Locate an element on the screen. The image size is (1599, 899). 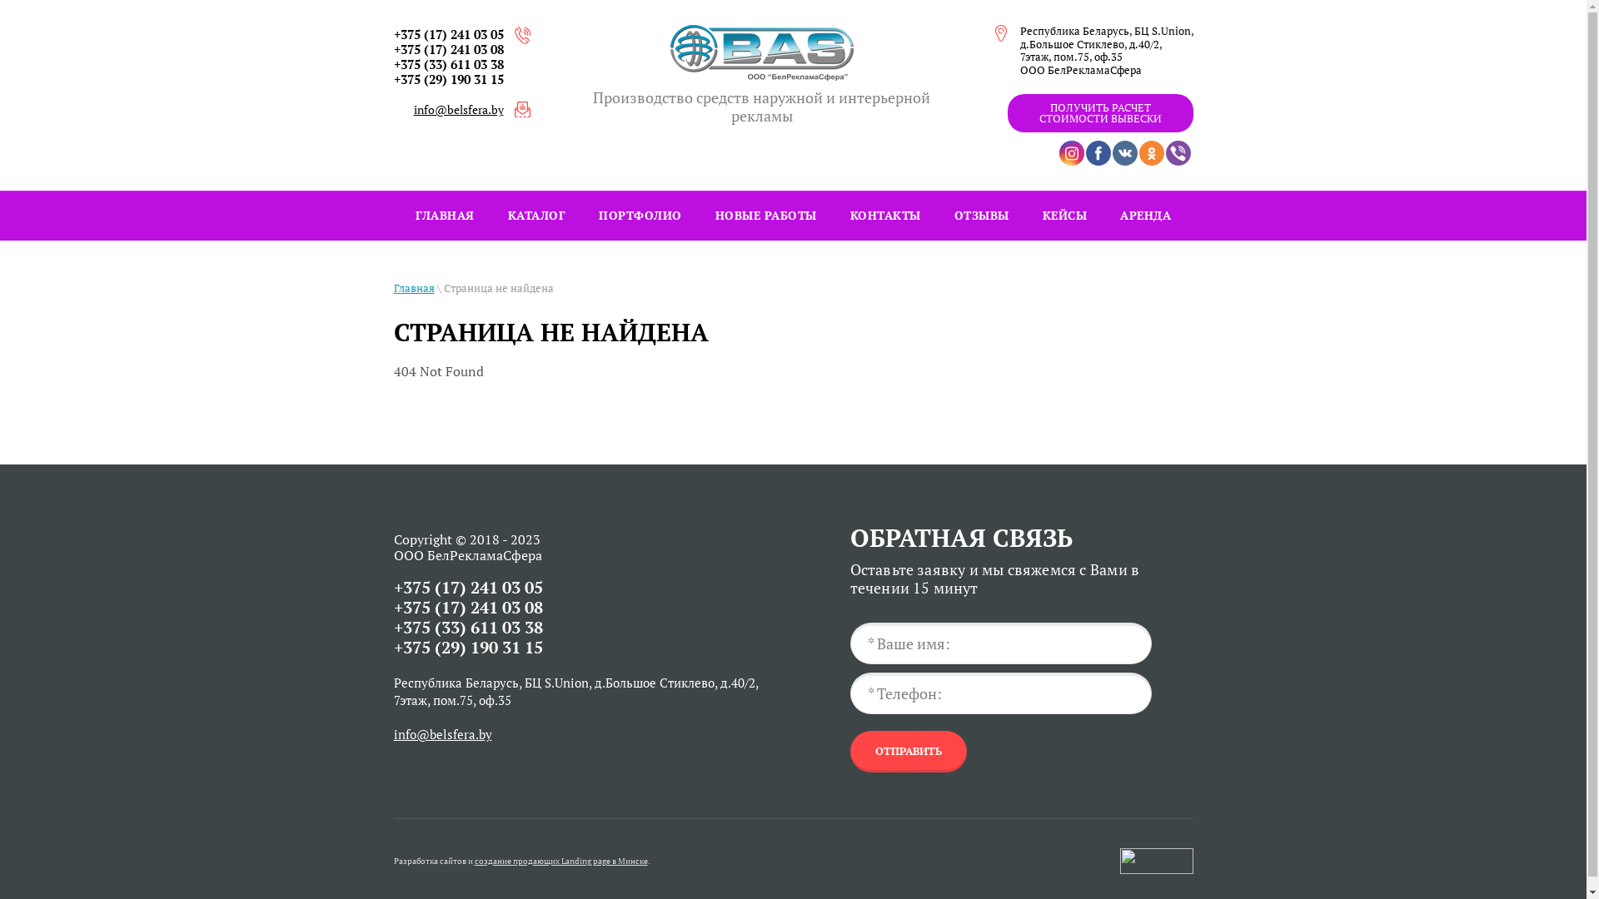
'+375 (29) 190 31 15' is located at coordinates (466, 646).